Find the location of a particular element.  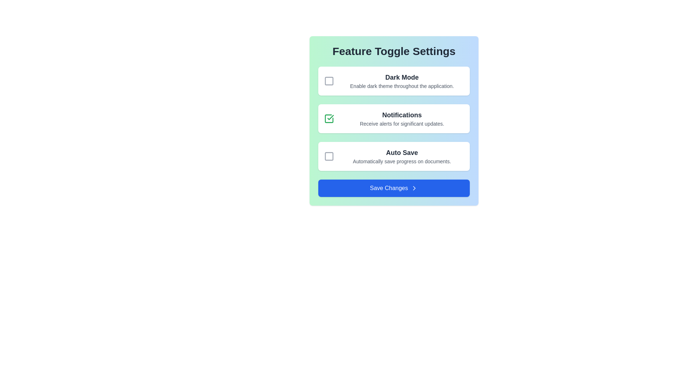

the right edge icon of the 'Save Changes' button is located at coordinates (414, 188).